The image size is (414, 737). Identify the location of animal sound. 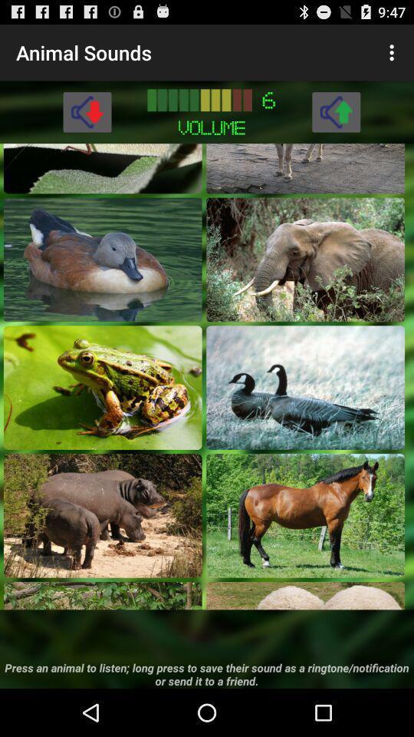
(305, 386).